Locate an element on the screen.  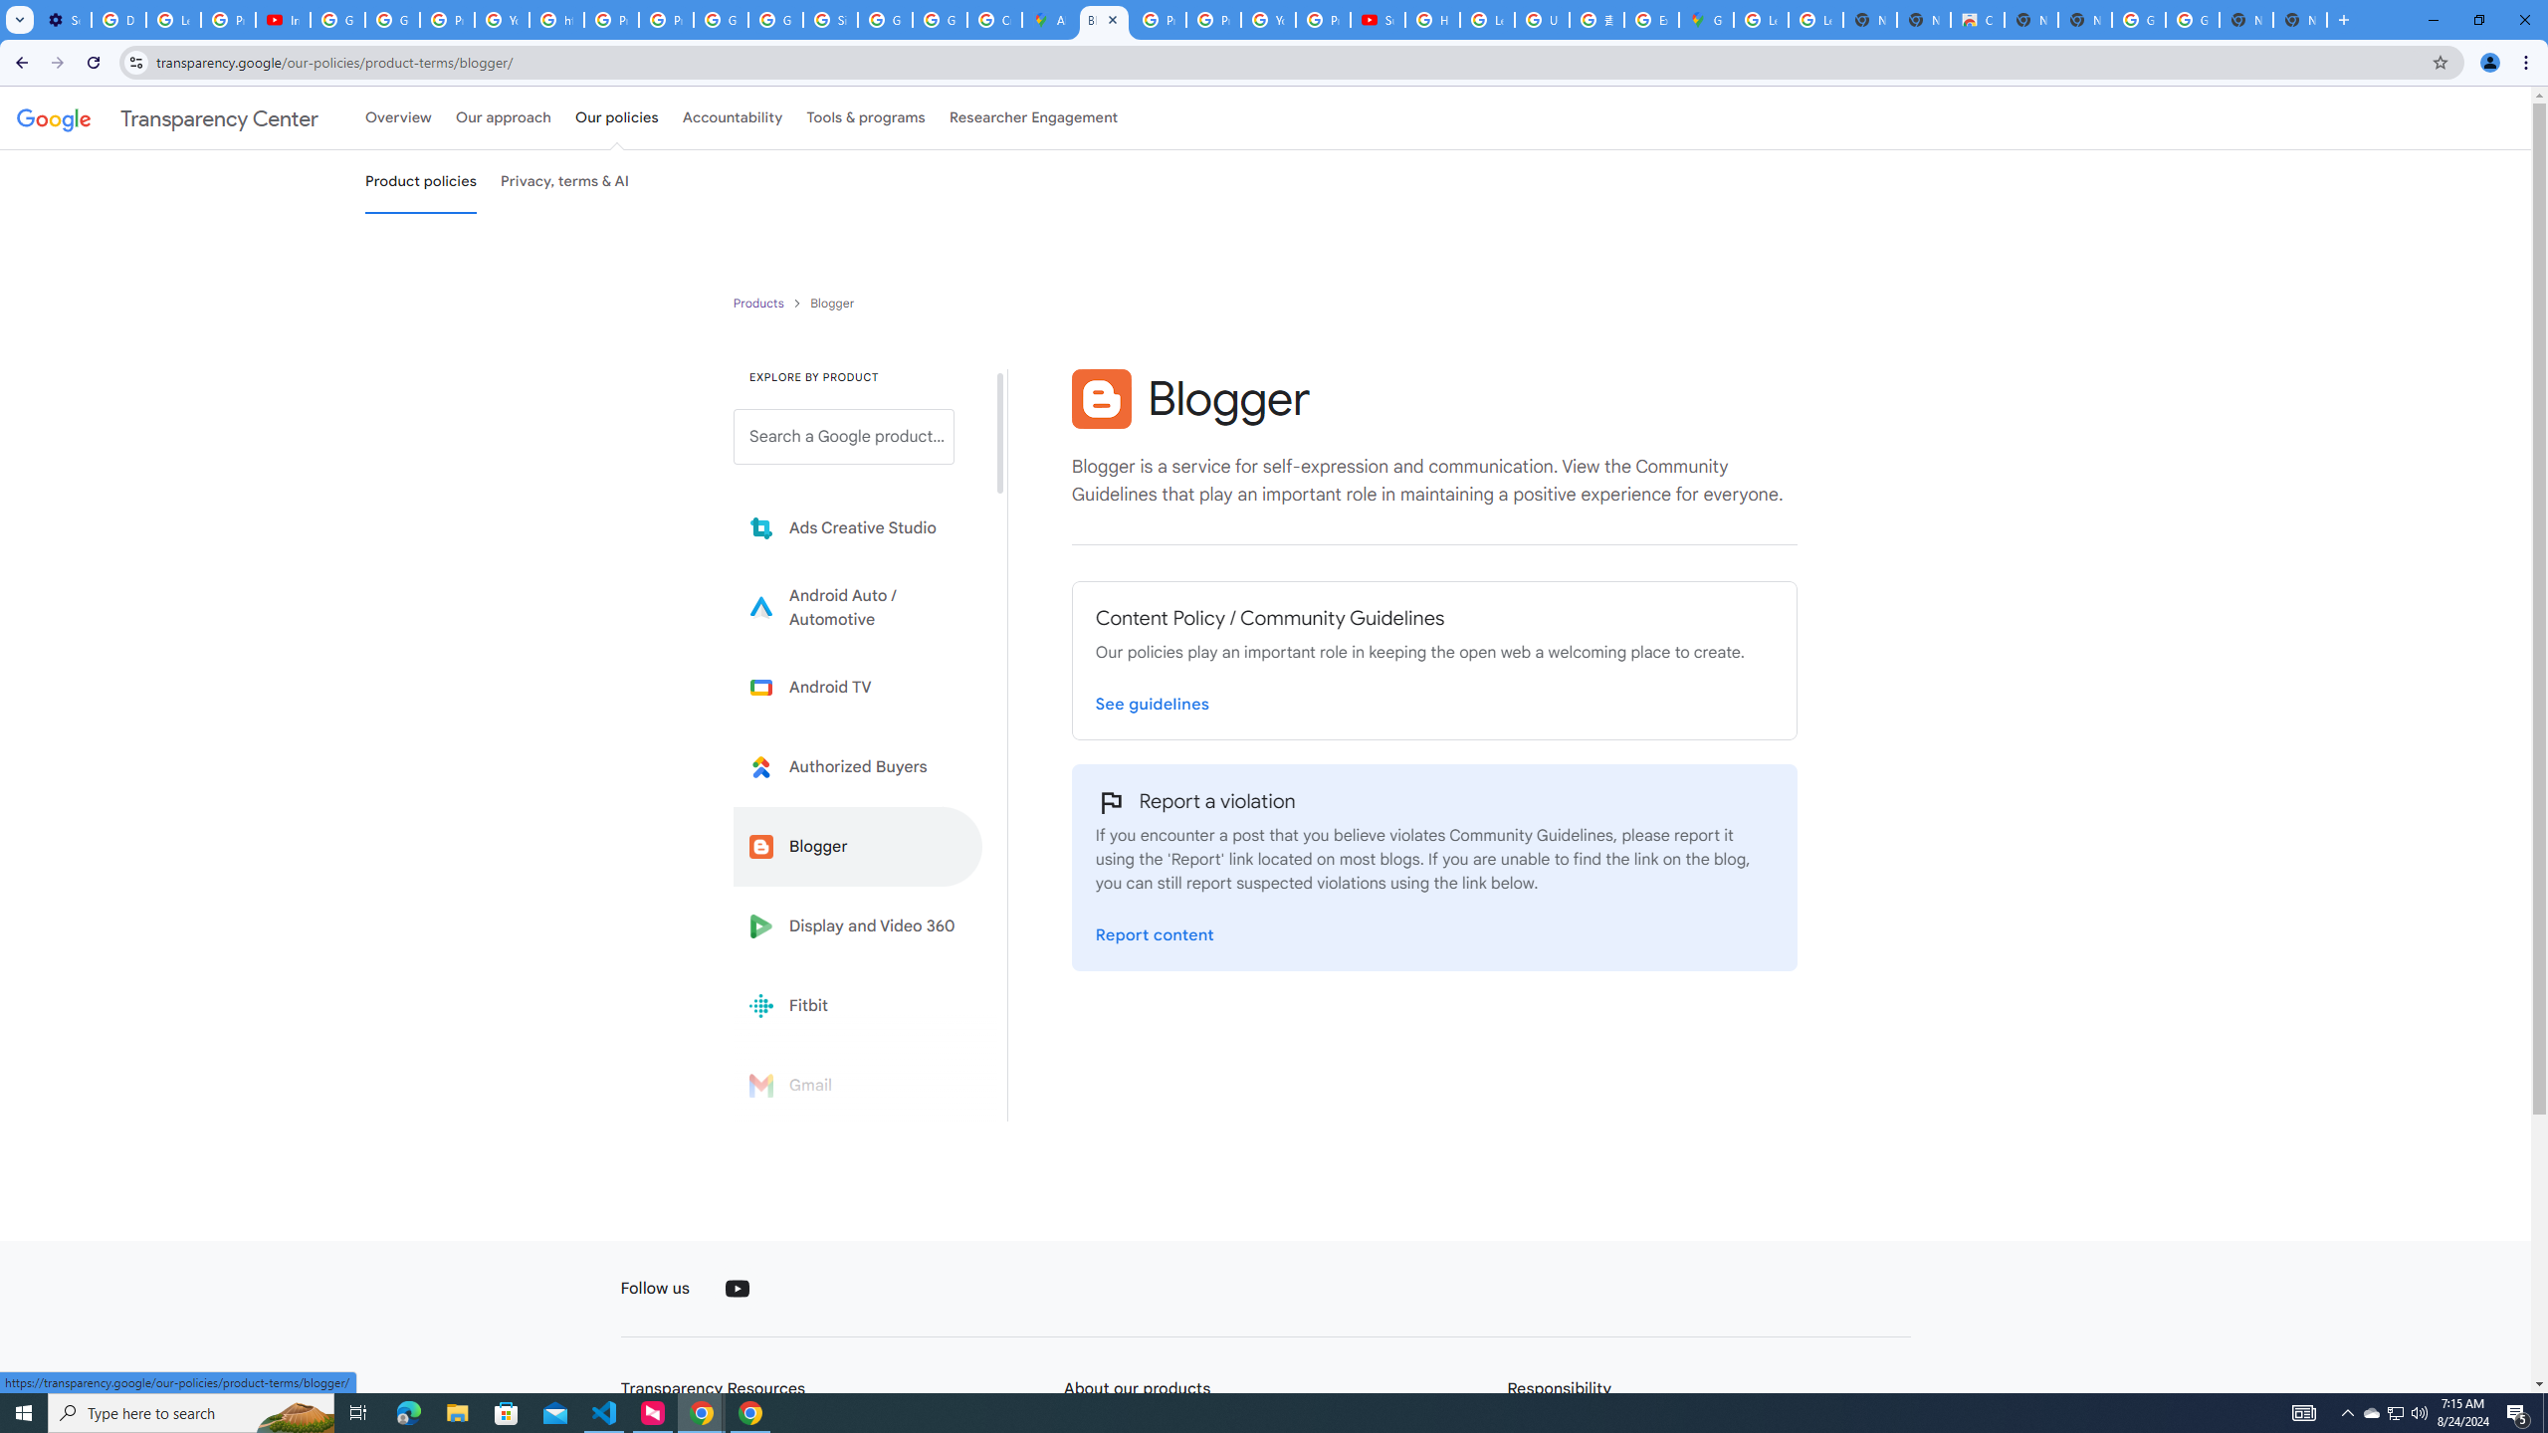
'Learn more about Android TV' is located at coordinates (857, 687).